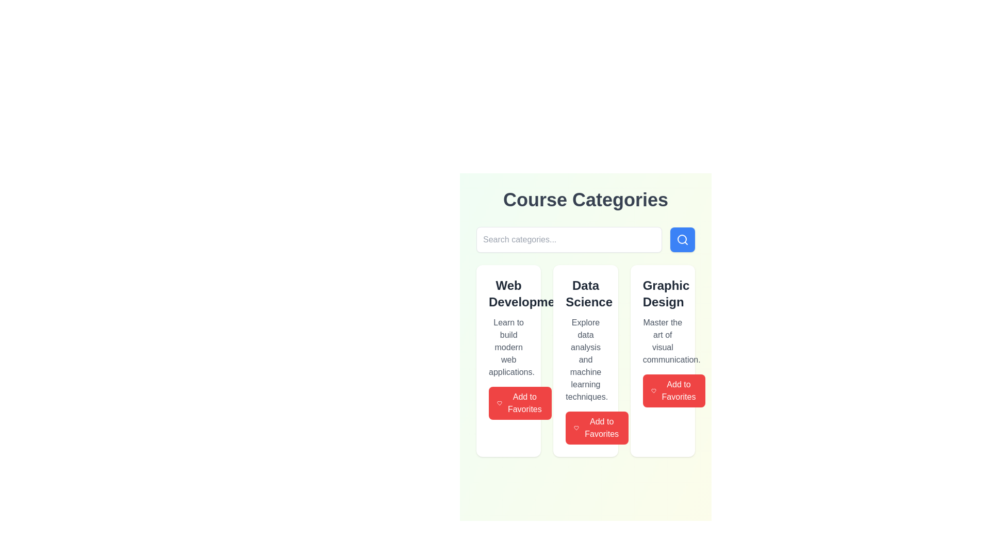 The width and height of the screenshot is (990, 557). I want to click on the 'Add to Favorites' button with a red background located at the bottom of the 'Web Development' card, so click(520, 403).